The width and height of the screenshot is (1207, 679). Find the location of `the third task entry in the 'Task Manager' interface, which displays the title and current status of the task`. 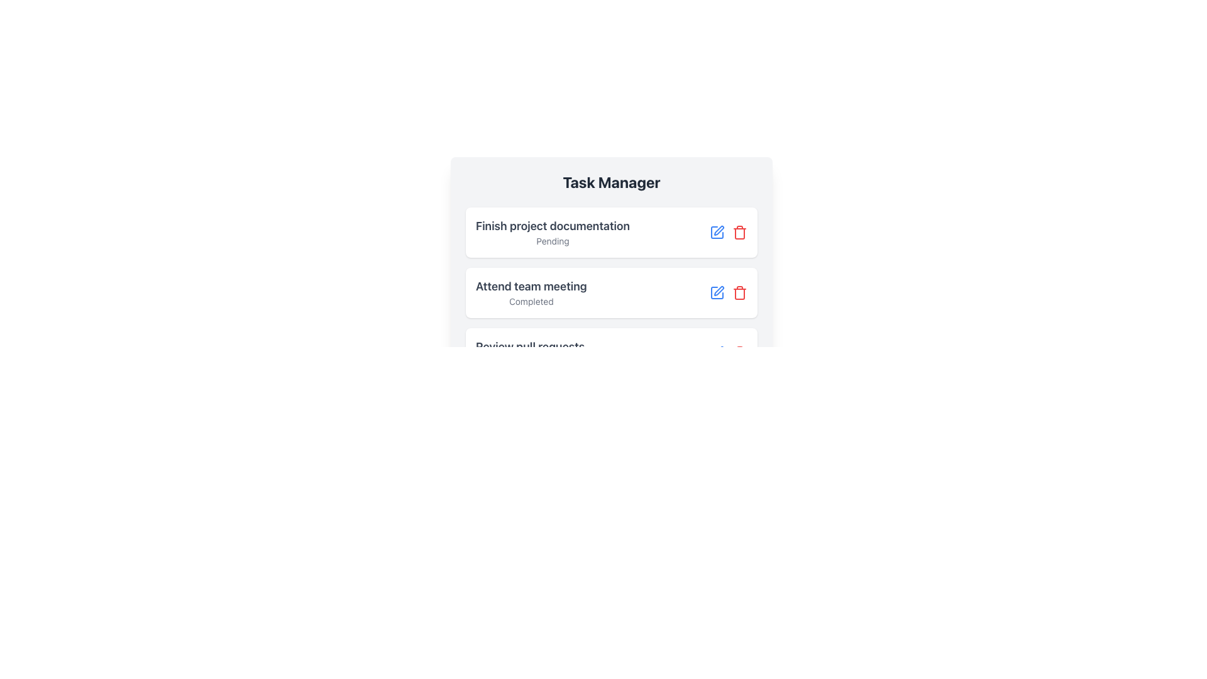

the third task entry in the 'Task Manager' interface, which displays the title and current status of the task is located at coordinates (530, 353).